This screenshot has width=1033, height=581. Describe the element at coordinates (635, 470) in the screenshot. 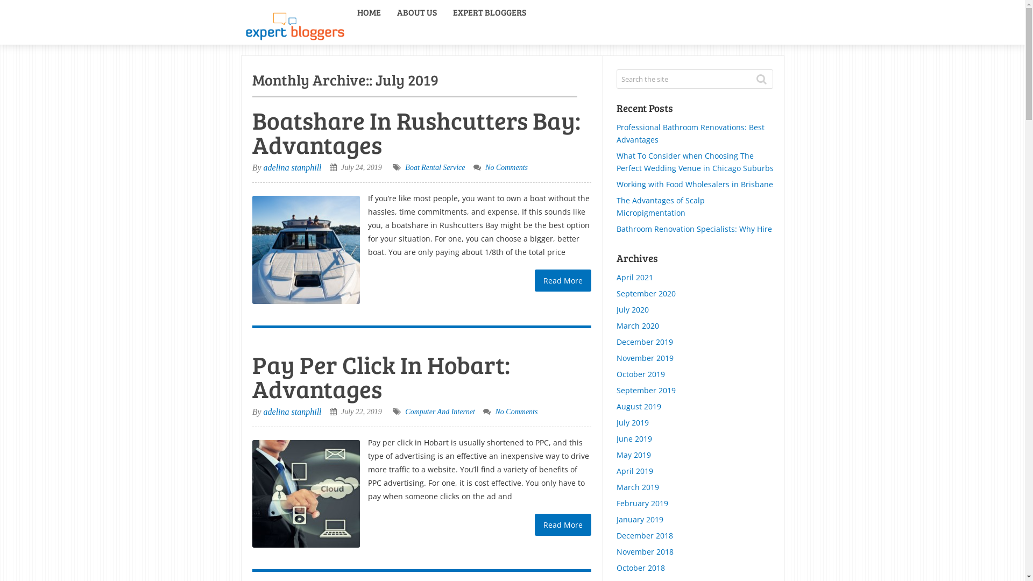

I see `'April 2019'` at that location.